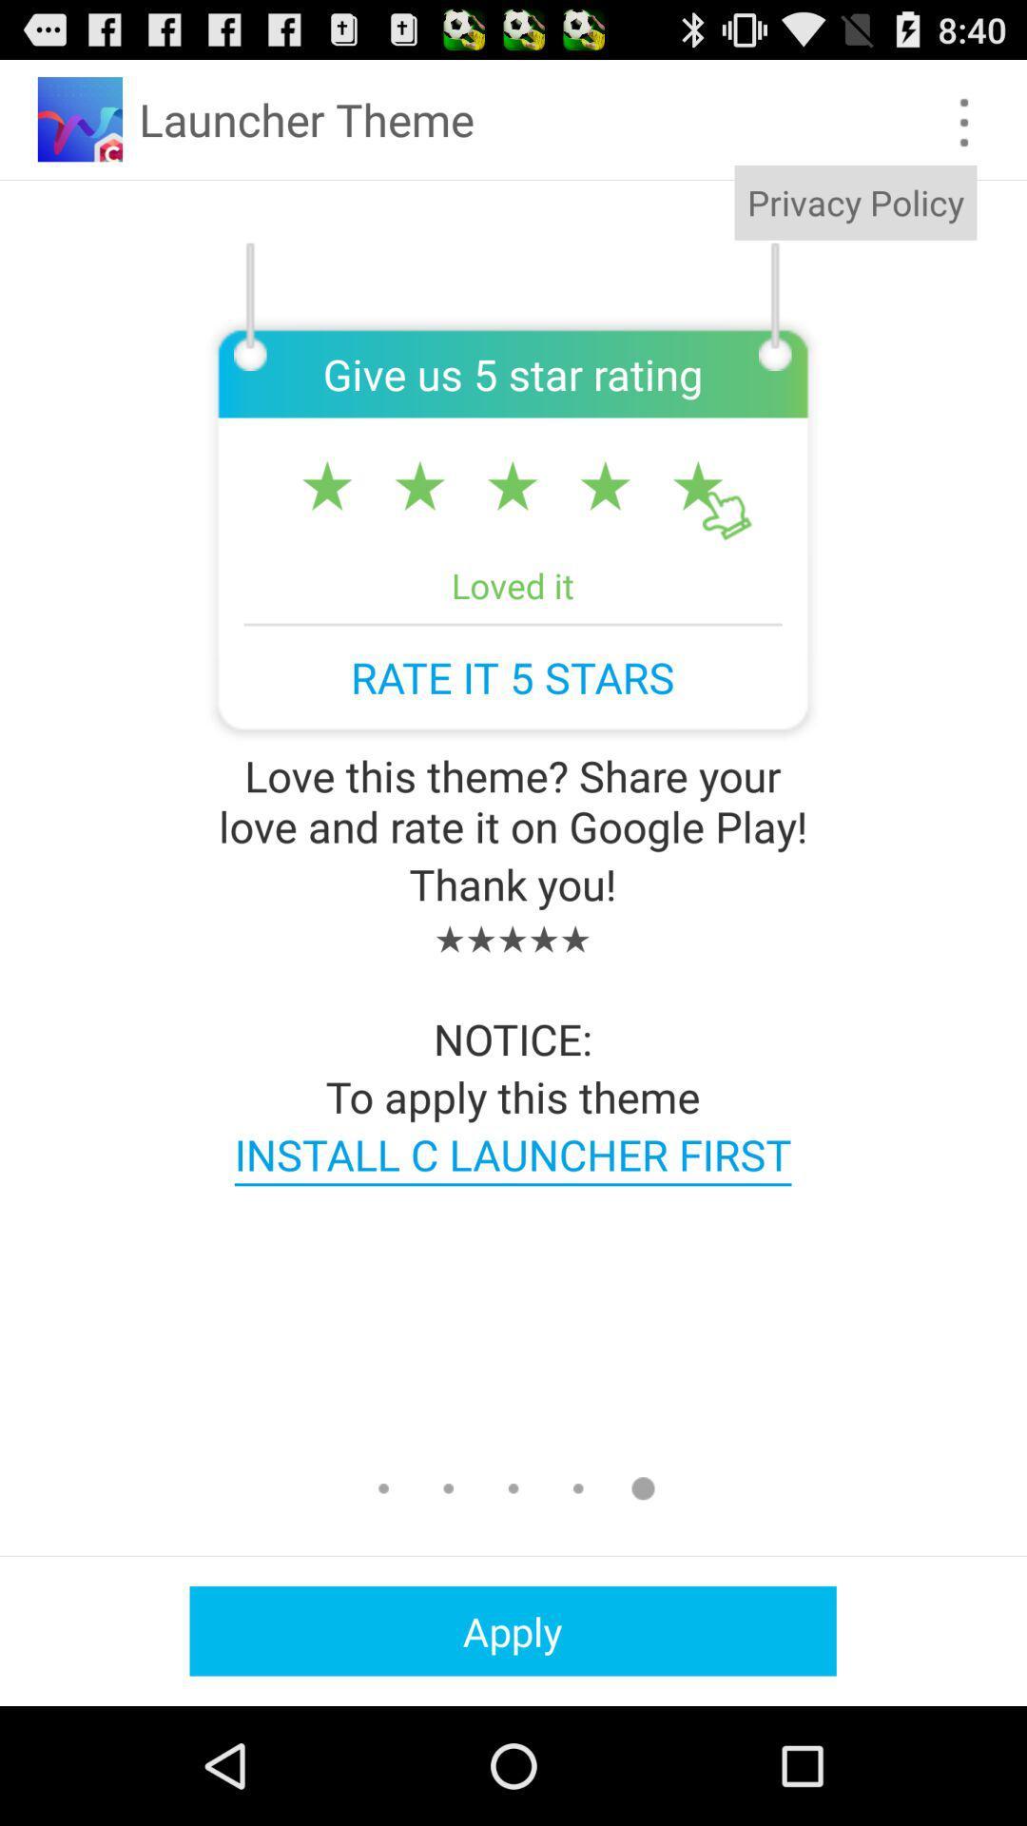 This screenshot has height=1826, width=1027. What do you see at coordinates (964, 122) in the screenshot?
I see `app next to launcher theme app` at bounding box center [964, 122].